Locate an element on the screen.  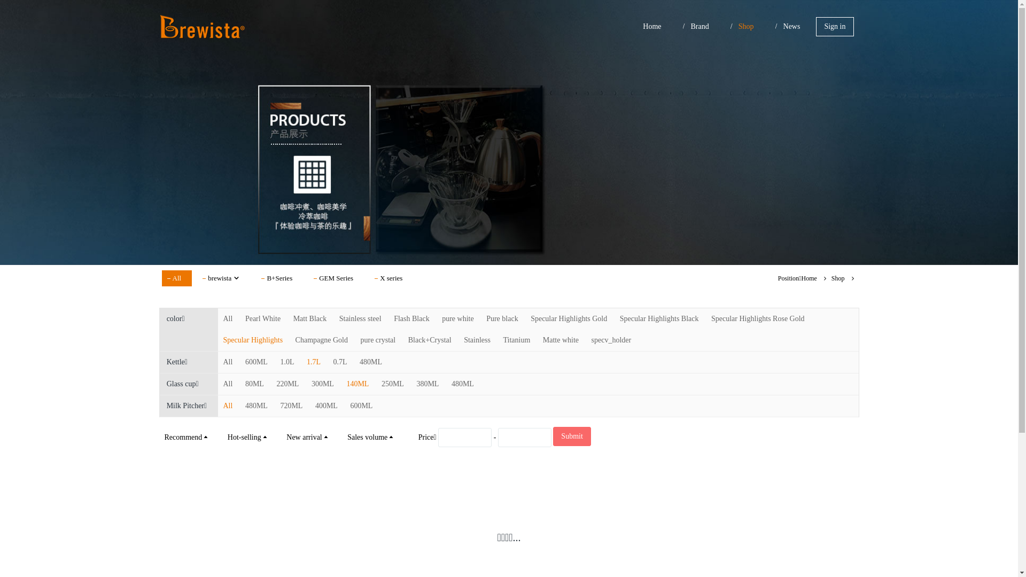
'X series' is located at coordinates (390, 277).